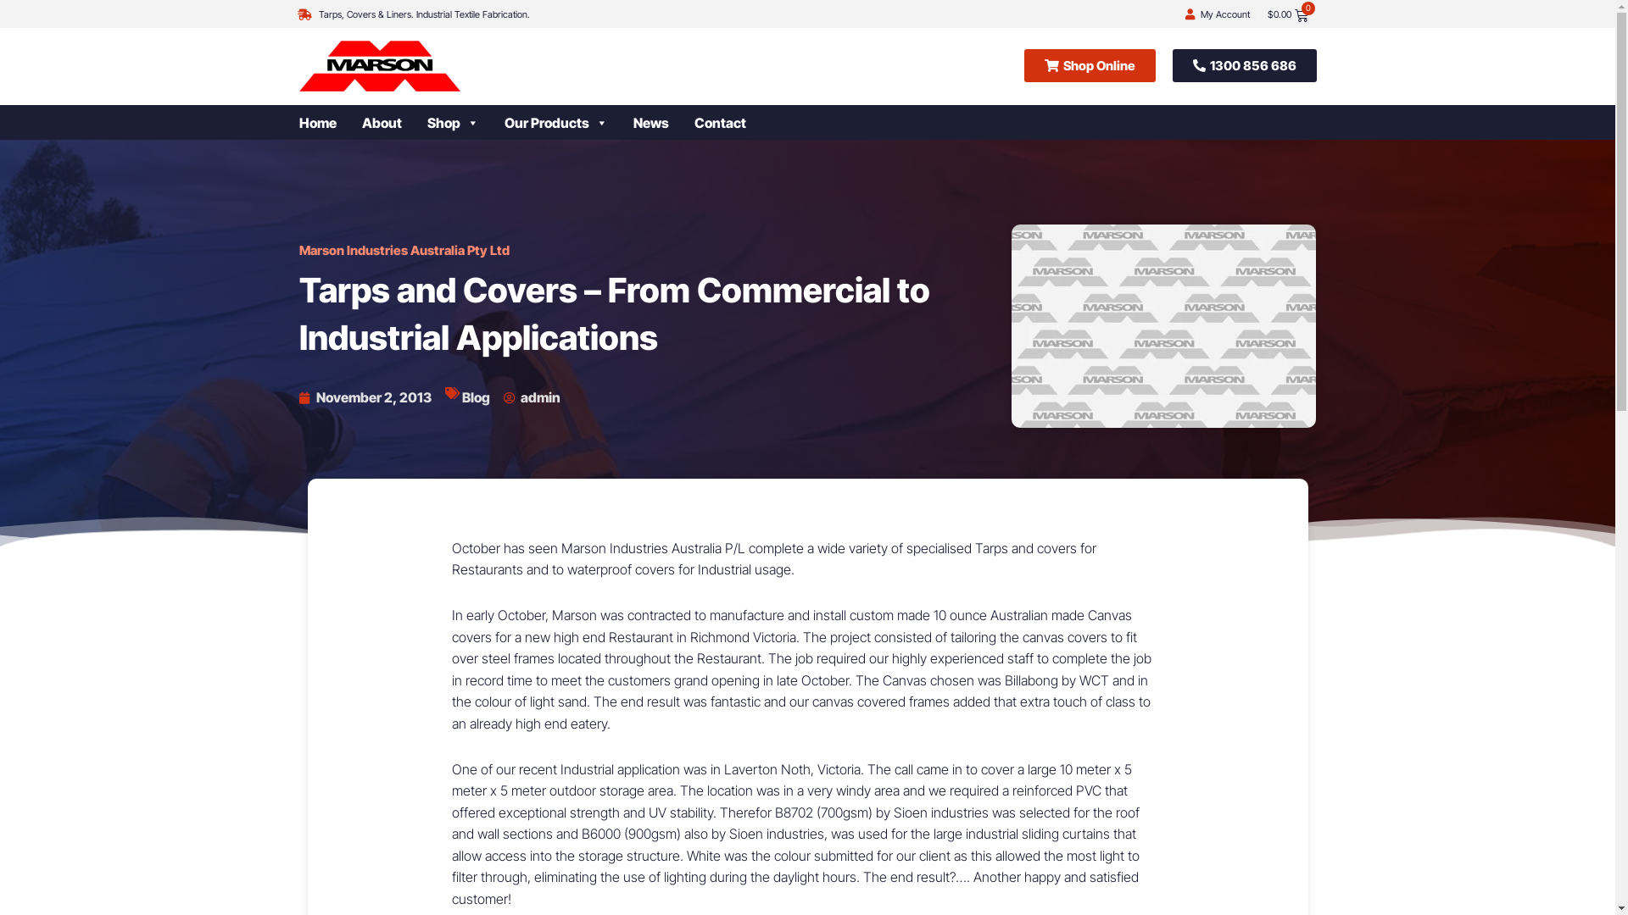 Image resolution: width=1628 pixels, height=915 pixels. I want to click on 'admin', so click(531, 398).